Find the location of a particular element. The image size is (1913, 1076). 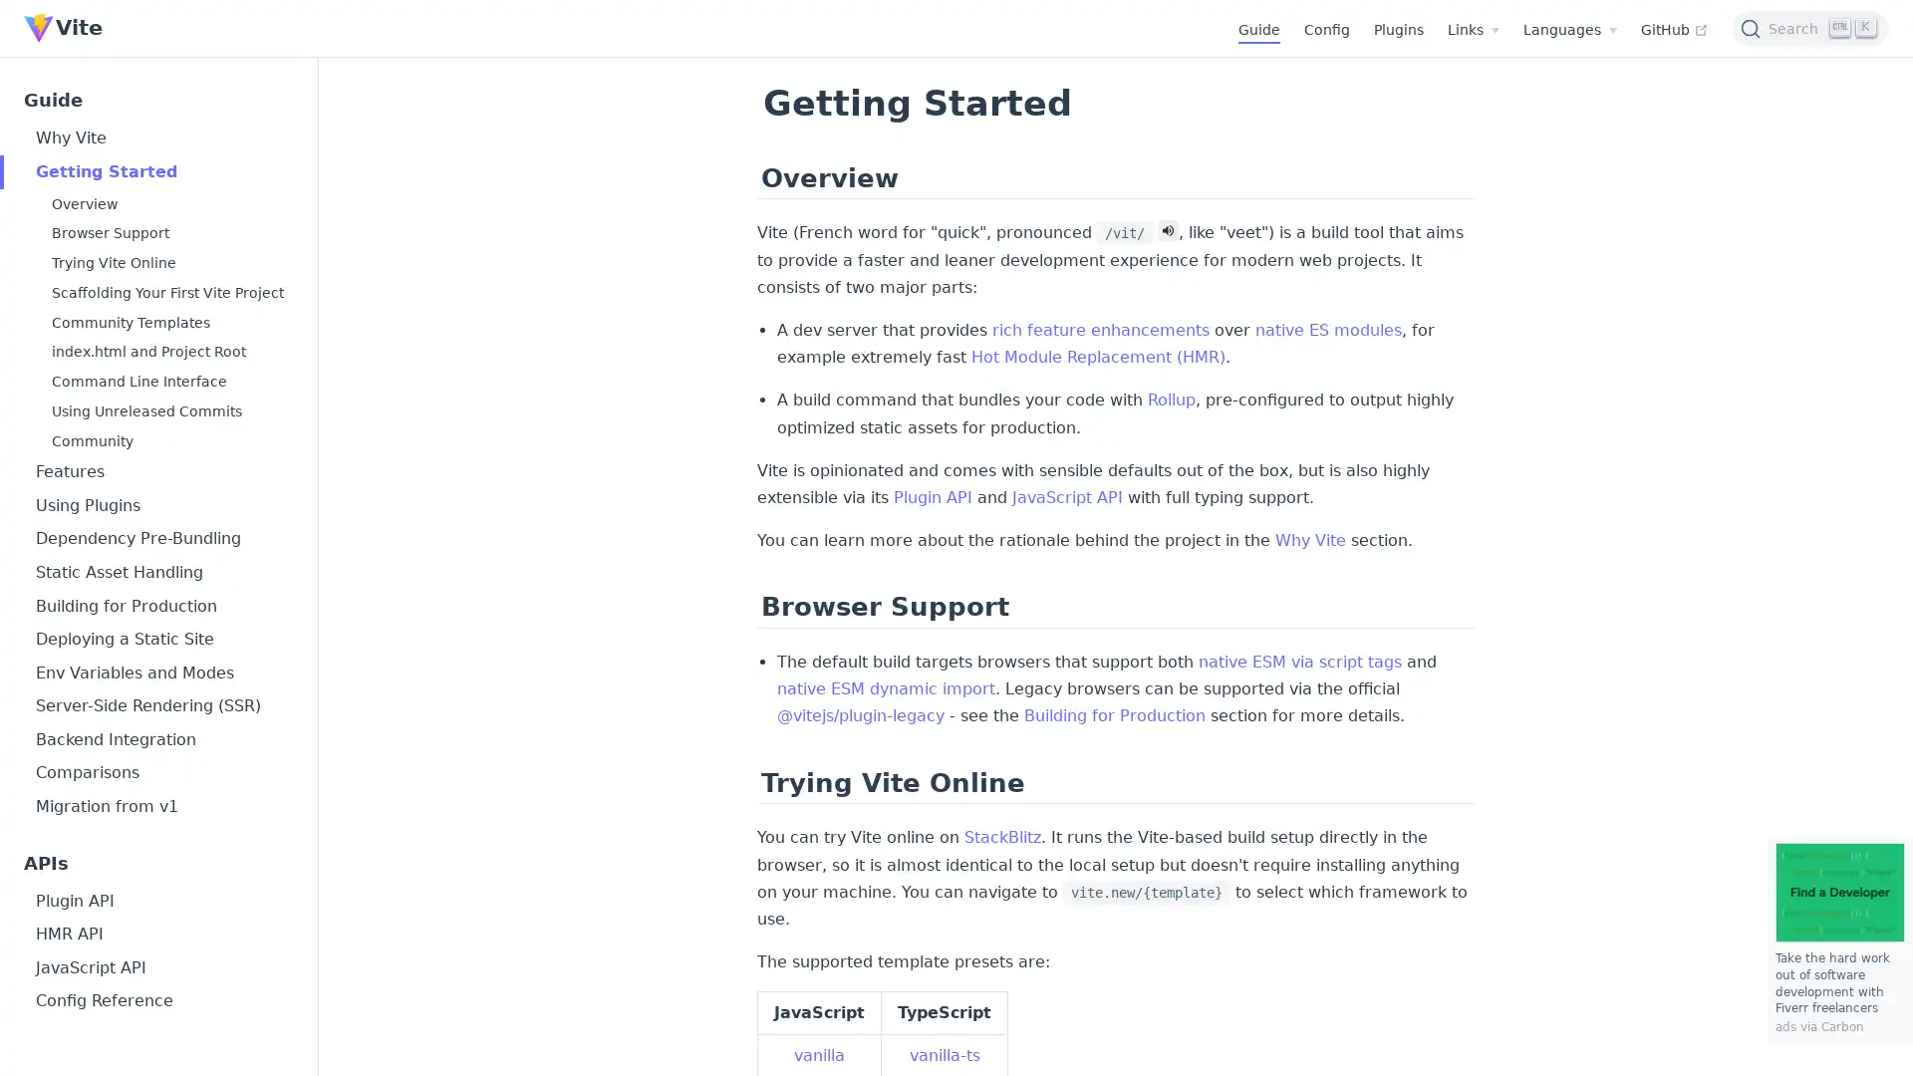

Languages is located at coordinates (1568, 30).